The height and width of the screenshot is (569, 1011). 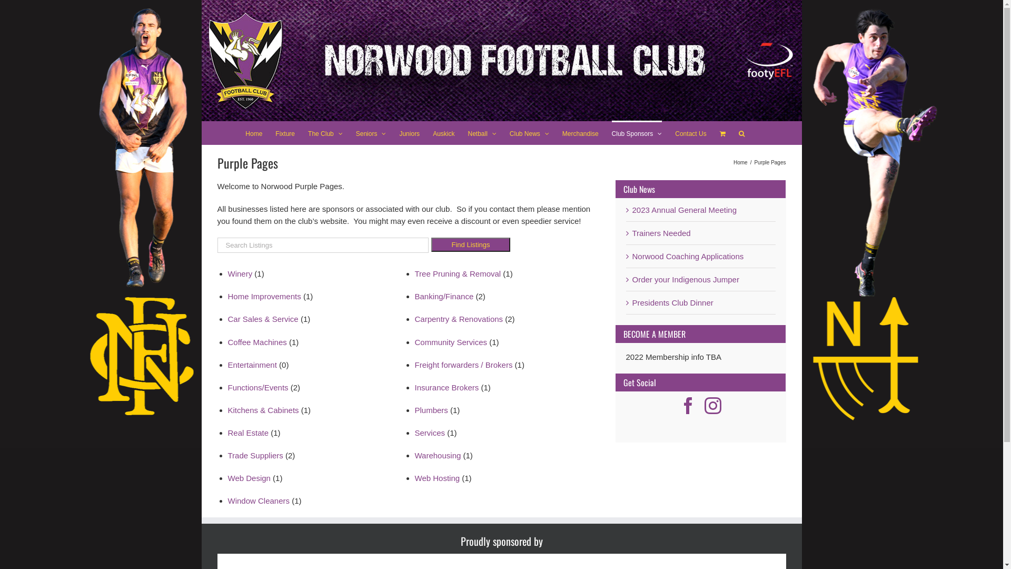 I want to click on 'Search', so click(x=741, y=132).